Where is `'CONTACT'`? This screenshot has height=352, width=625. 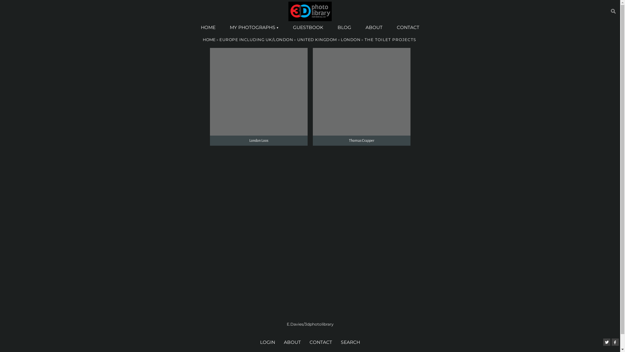
'CONTACT' is located at coordinates (408, 27).